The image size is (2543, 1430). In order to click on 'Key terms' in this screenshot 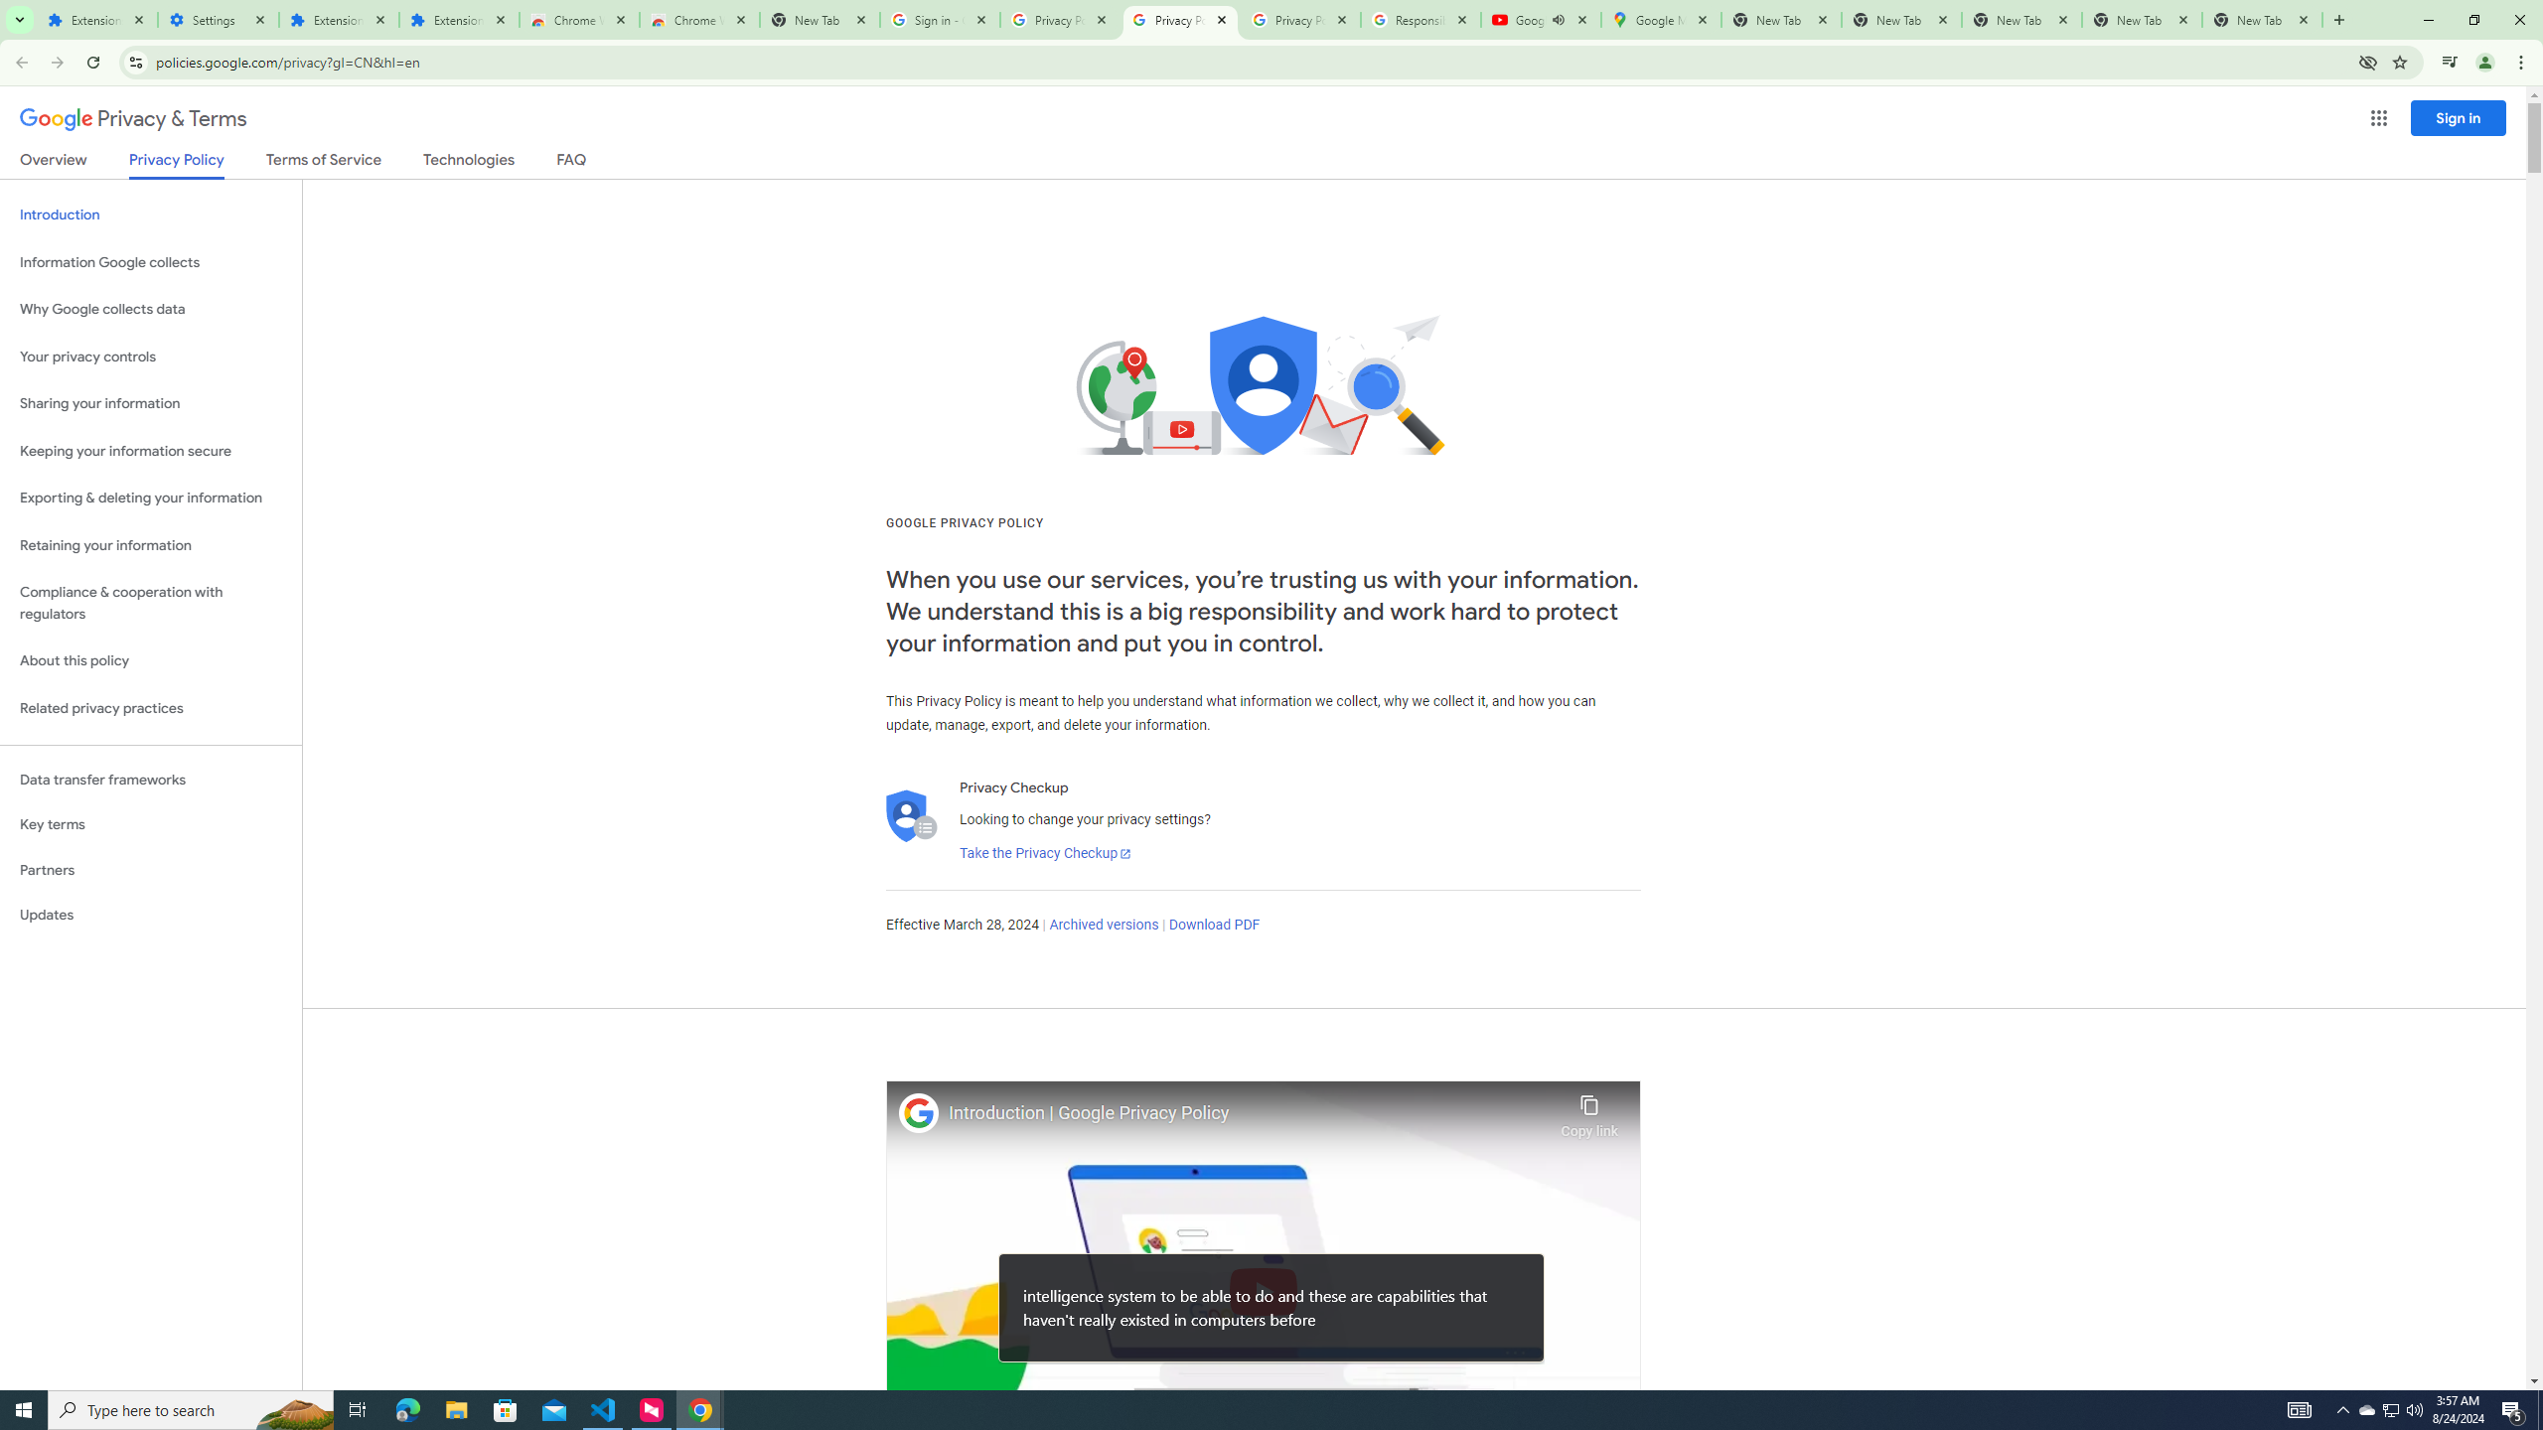, I will do `click(150, 824)`.